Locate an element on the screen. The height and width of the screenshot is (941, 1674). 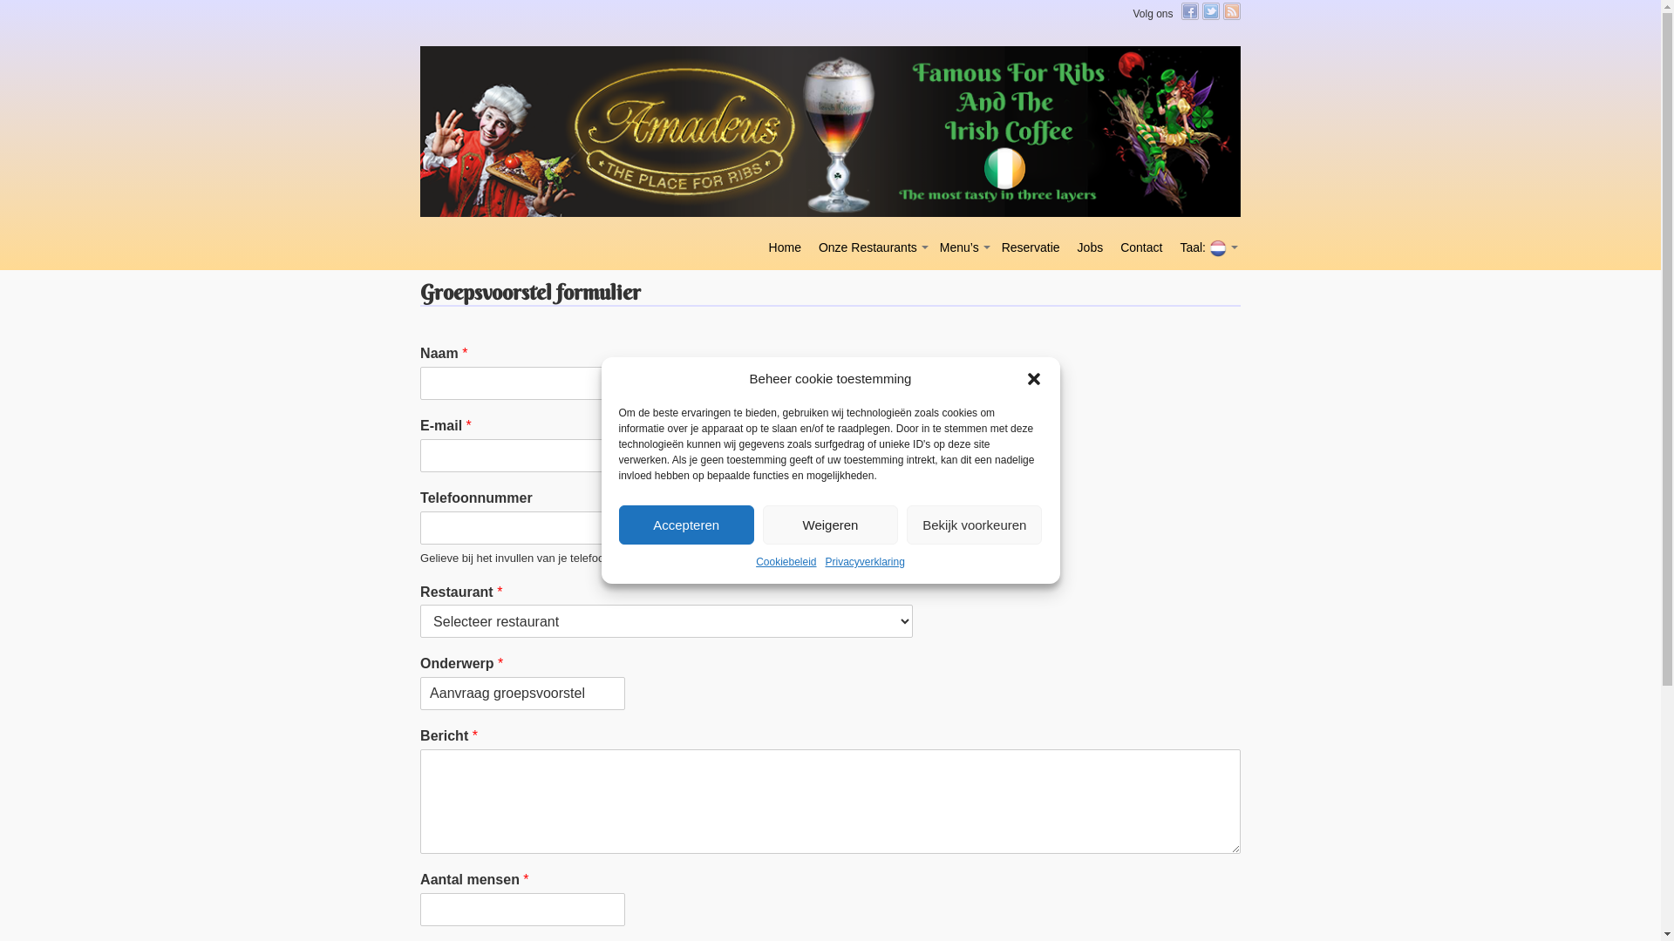
'Reservatie' is located at coordinates (1031, 247).